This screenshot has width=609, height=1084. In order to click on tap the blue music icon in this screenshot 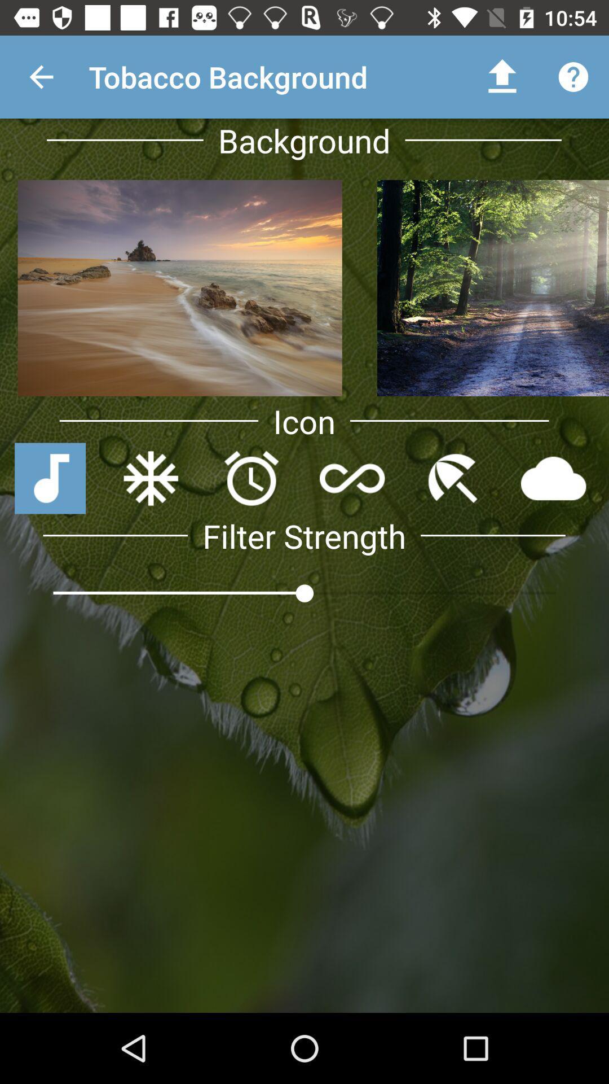, I will do `click(49, 479)`.